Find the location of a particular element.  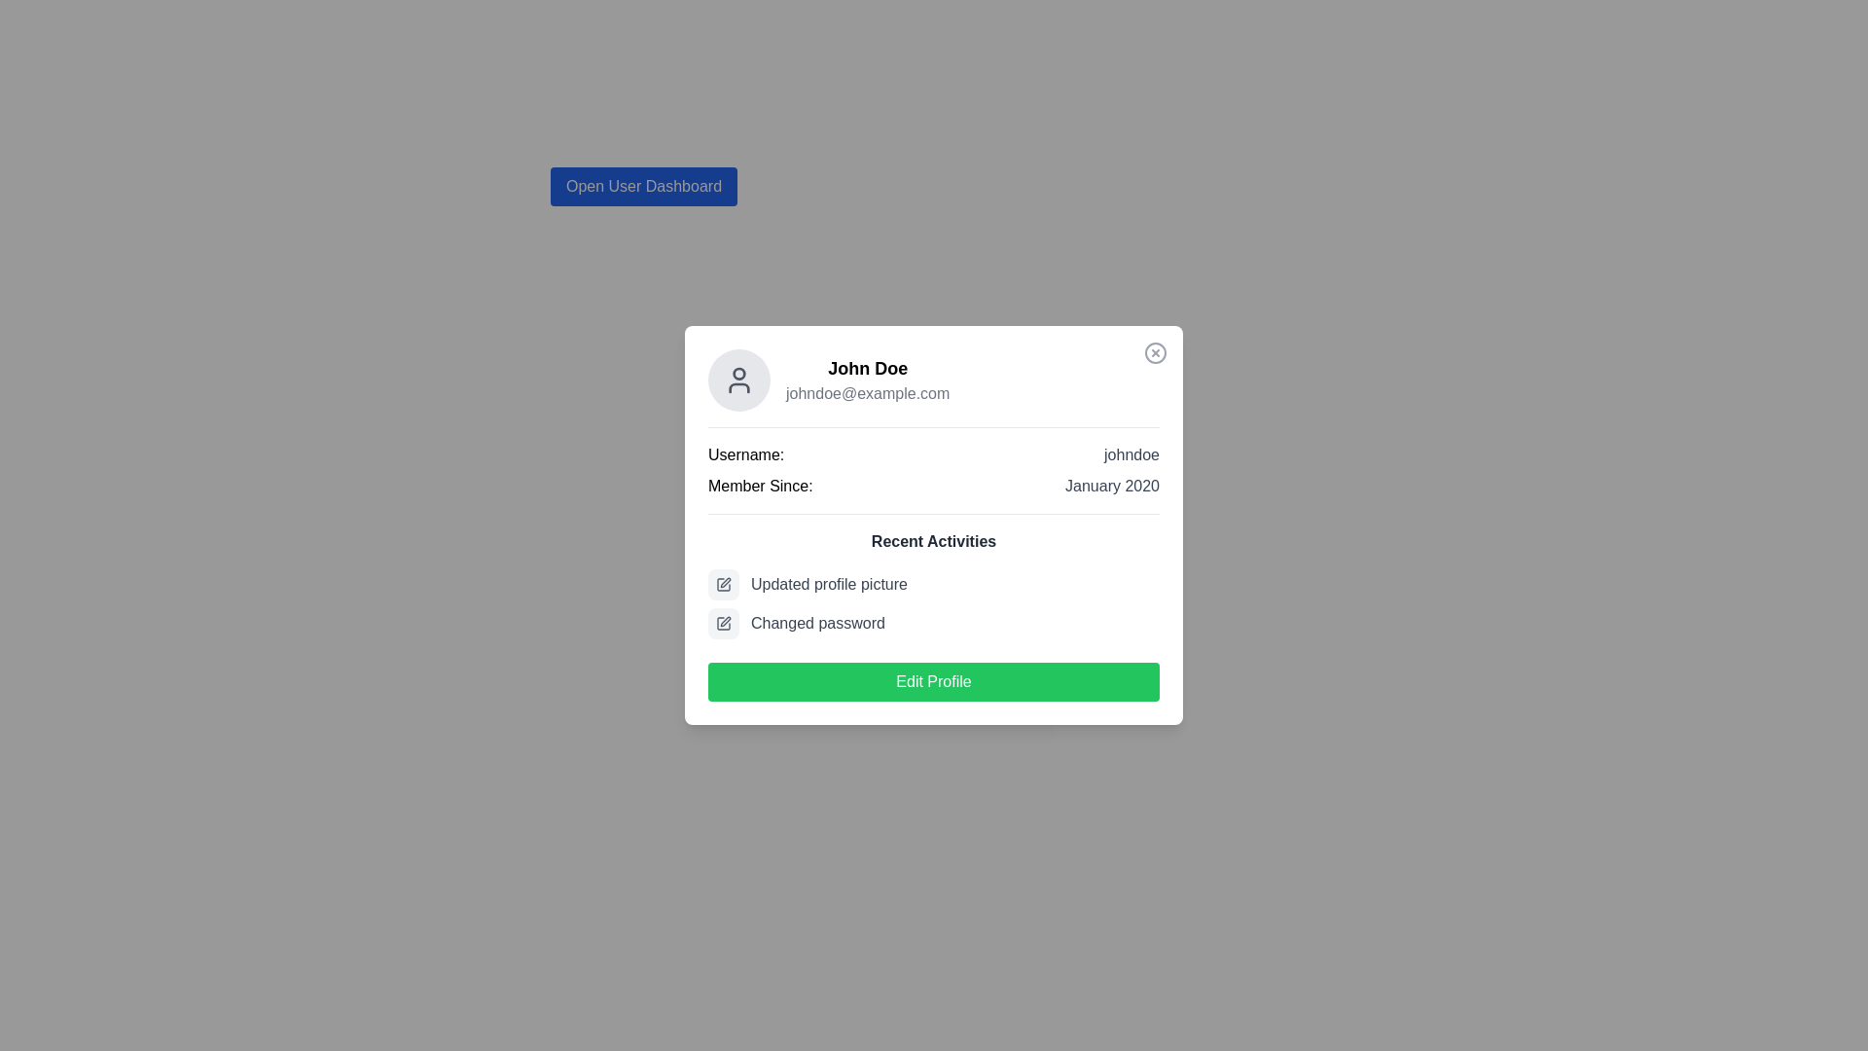

the Text Label that indicates the user's membership start date, positioned beneath the username label in the user profile card panel is located at coordinates (759, 486).